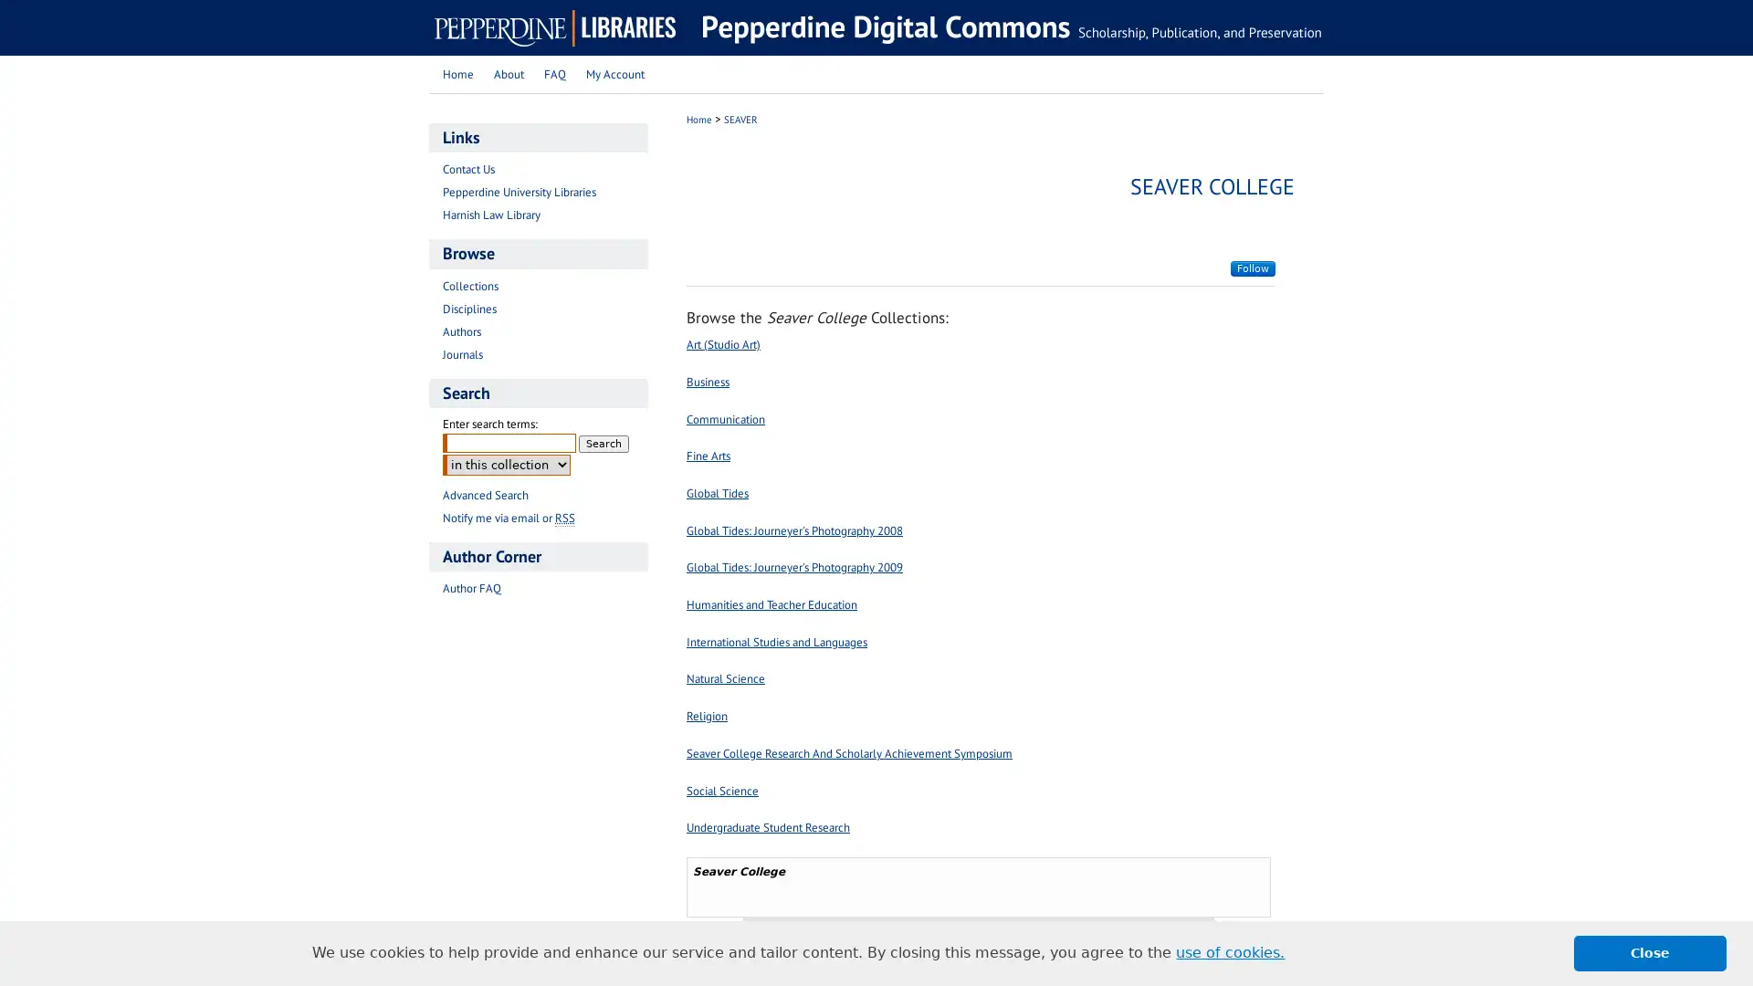 The image size is (1753, 986). Describe the element at coordinates (1650, 952) in the screenshot. I see `dismiss cookie message` at that location.